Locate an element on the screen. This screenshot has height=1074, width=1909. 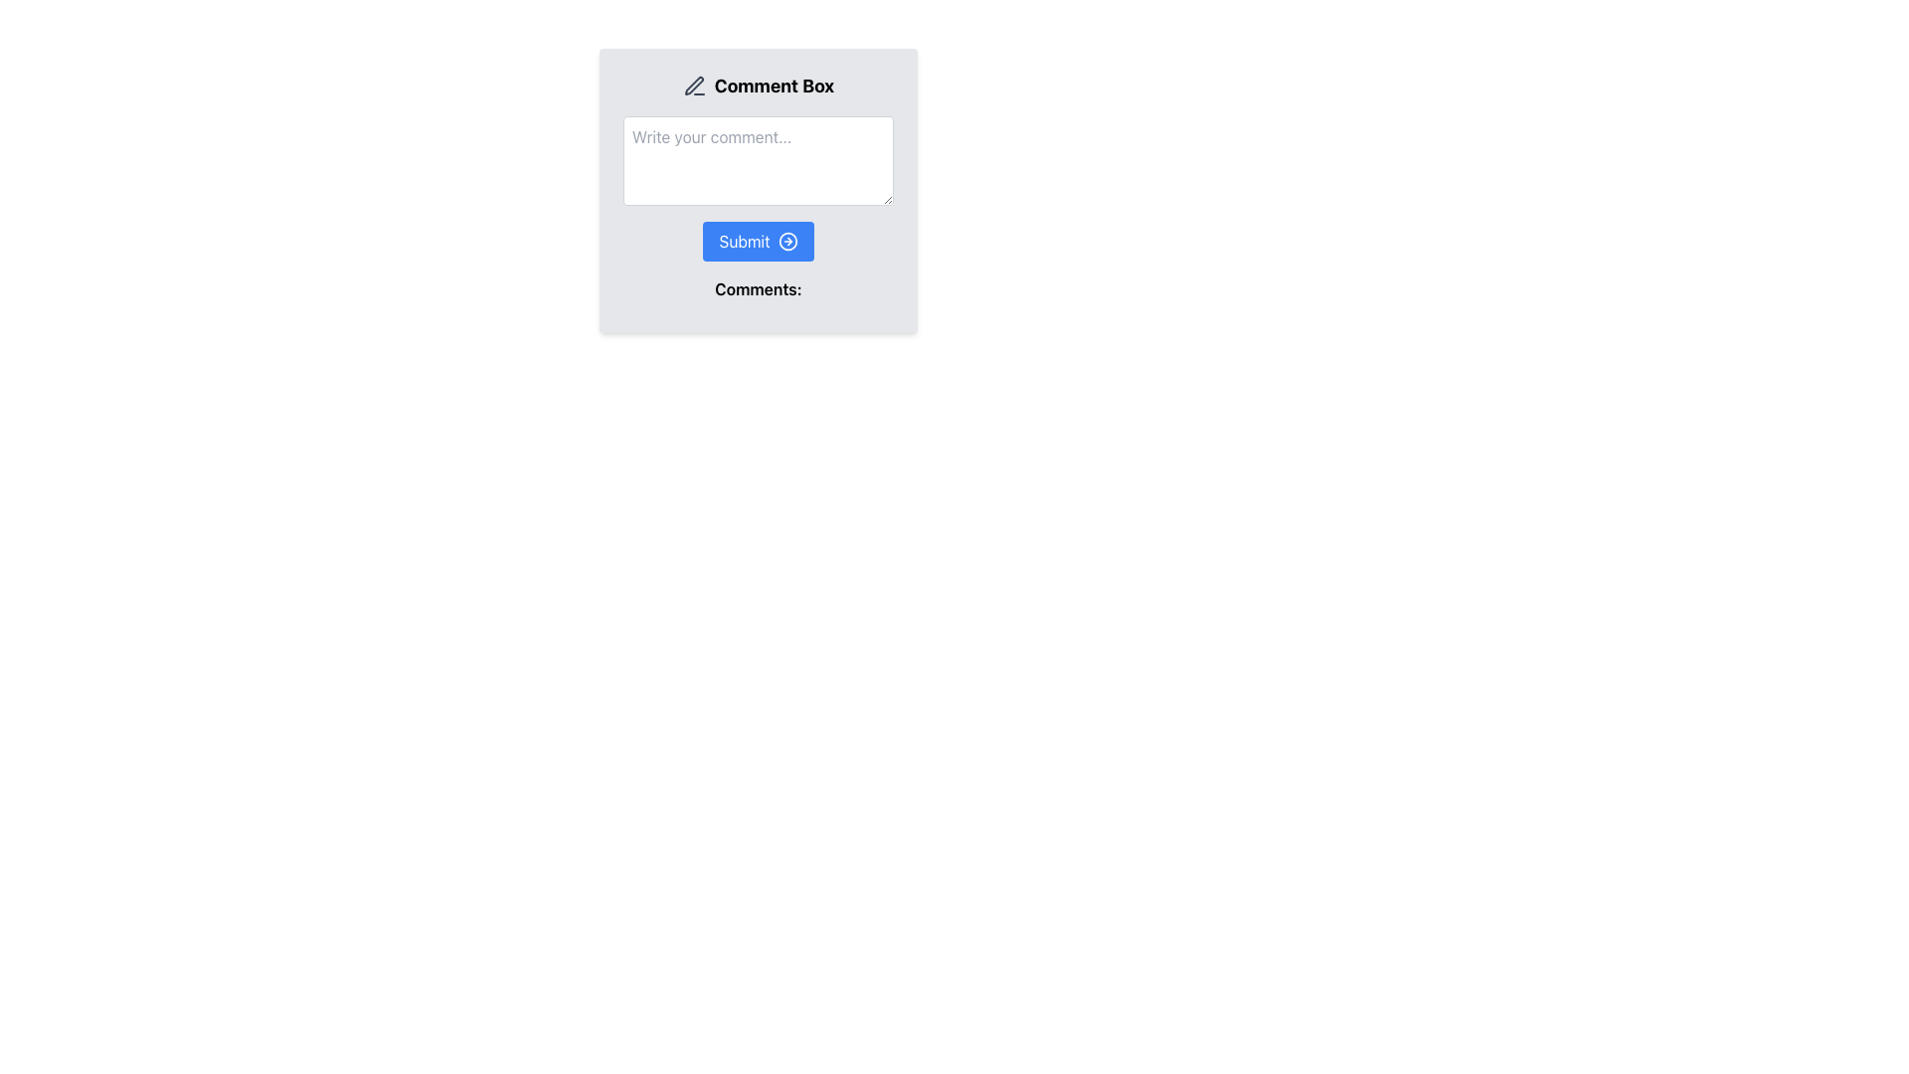
text label 'Comments:' located at the bottom of the comment box interface, below the text input field and the 'Submit' button is located at coordinates (758, 292).